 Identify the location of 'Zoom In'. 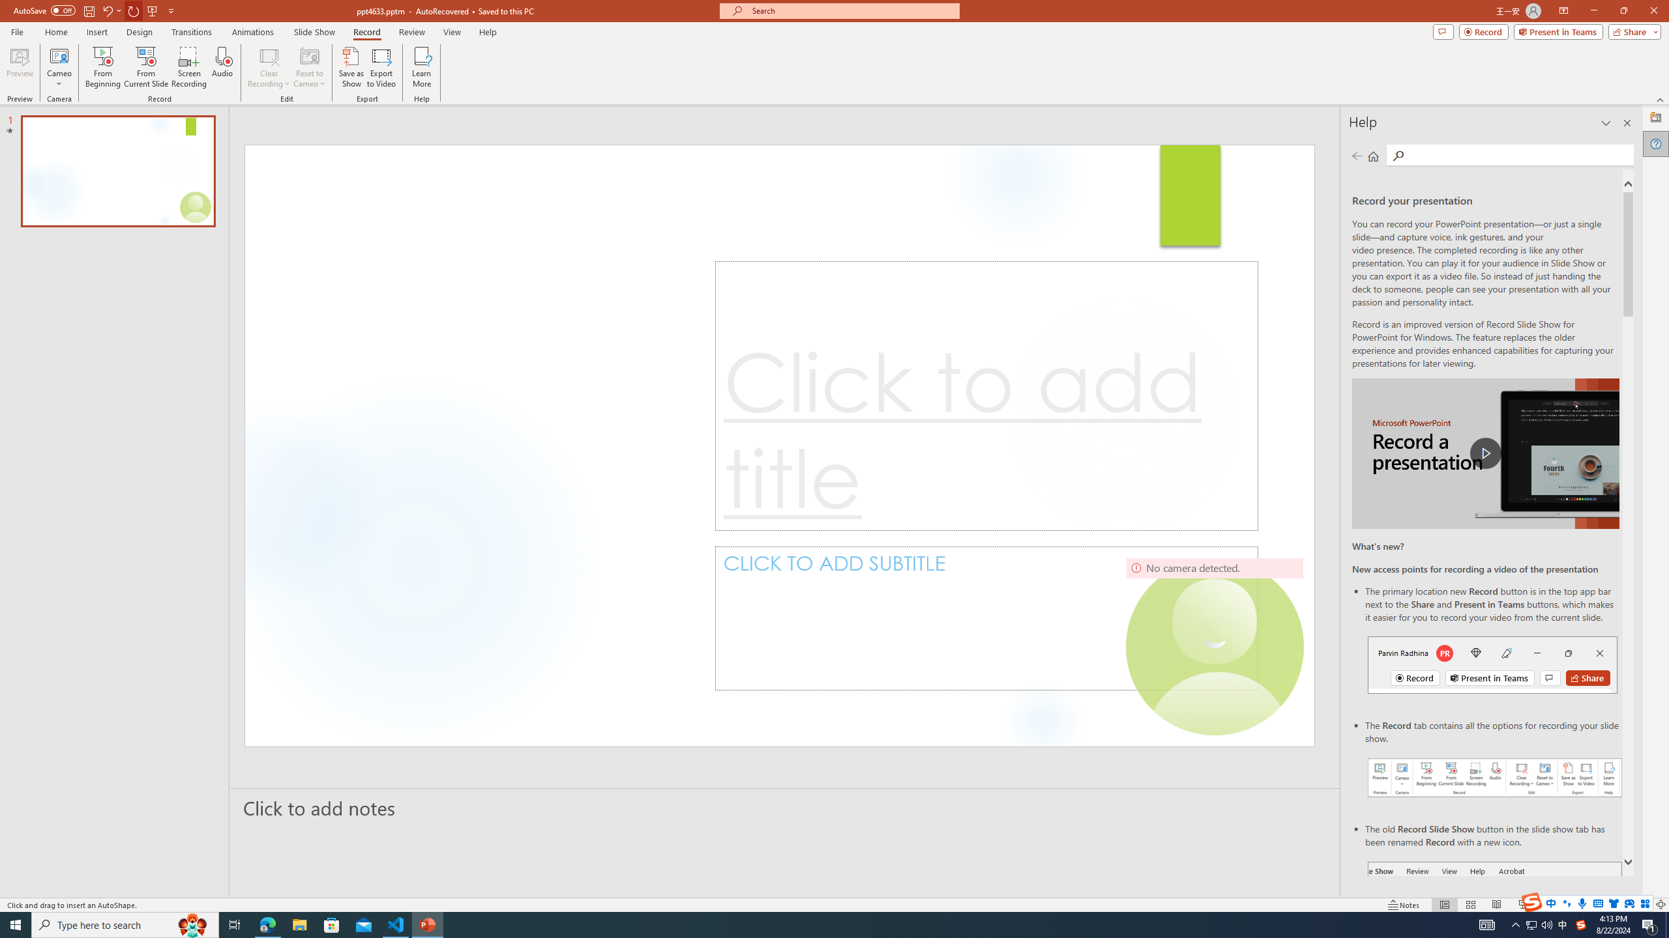
(1619, 905).